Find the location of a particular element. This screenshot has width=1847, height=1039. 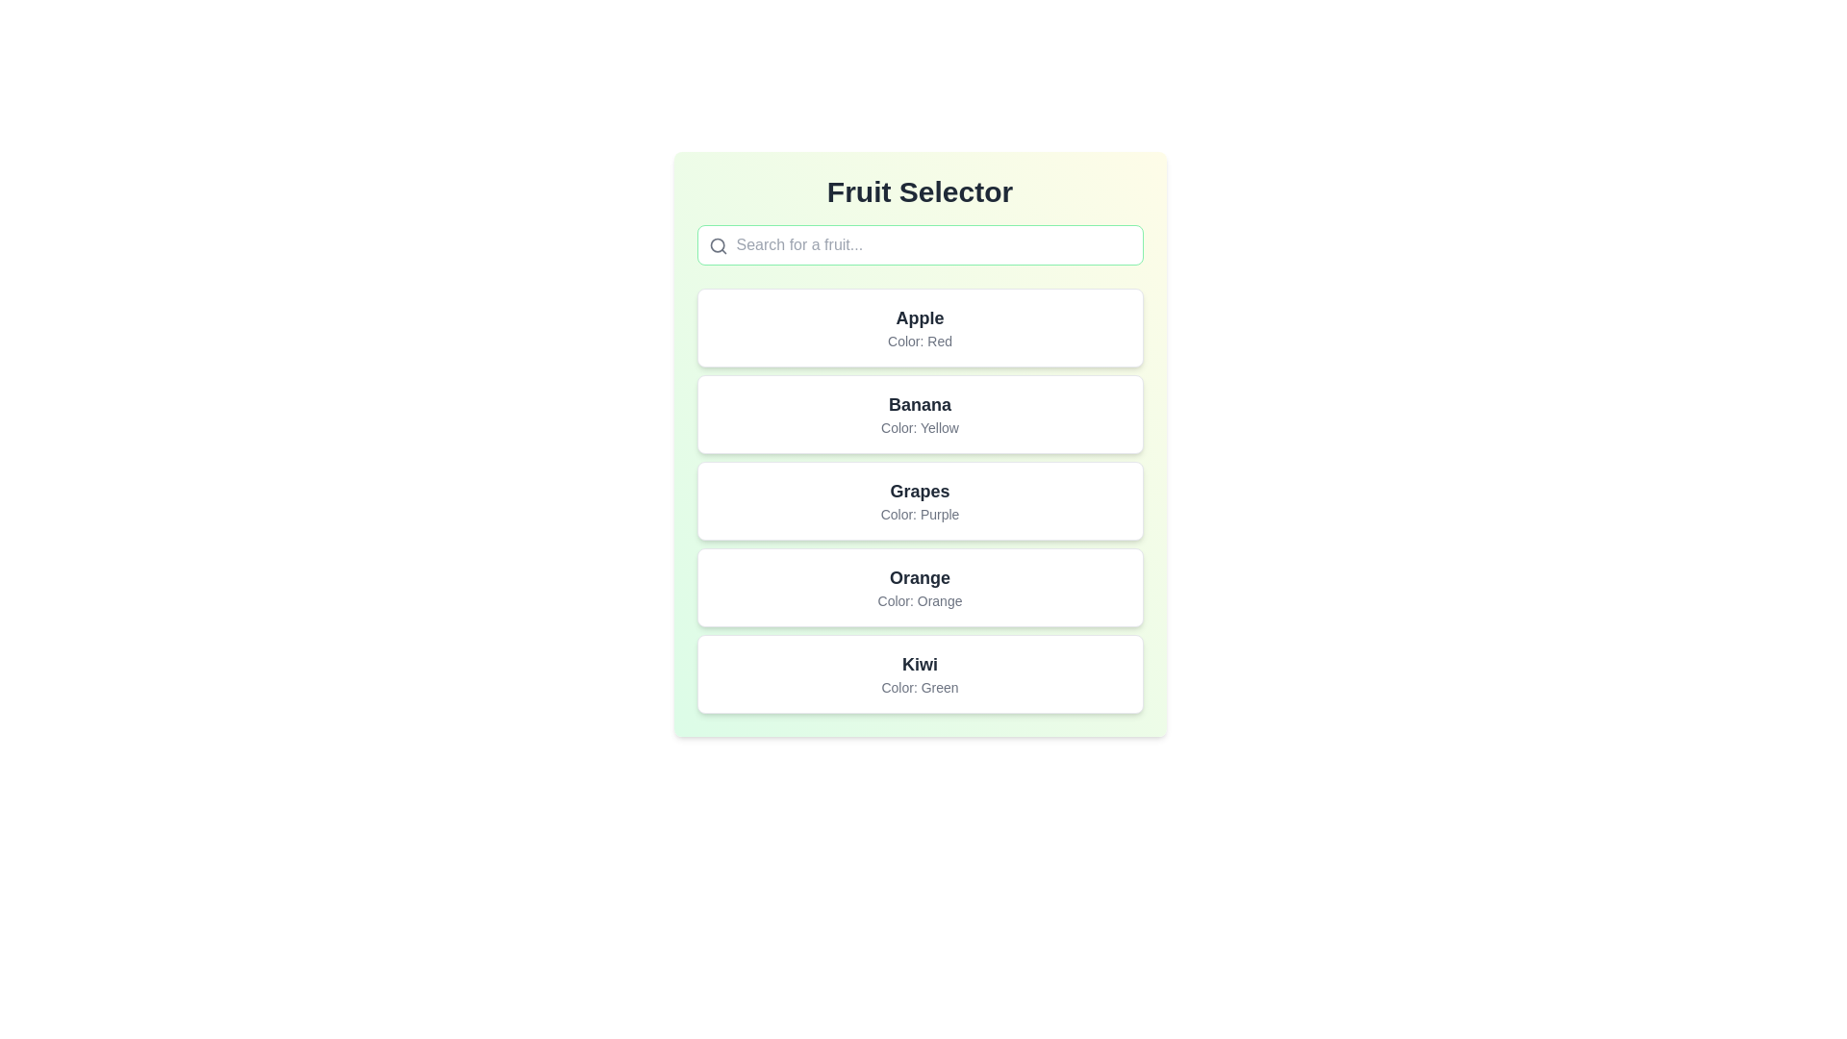

the 'Grapes' option in the Fruit Selector list is located at coordinates (919, 499).